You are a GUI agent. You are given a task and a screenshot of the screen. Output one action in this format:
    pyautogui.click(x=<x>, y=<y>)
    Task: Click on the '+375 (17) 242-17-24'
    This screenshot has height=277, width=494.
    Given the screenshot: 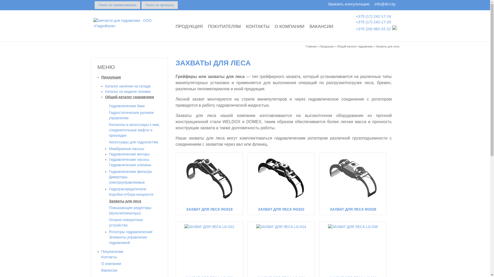 What is the action you would take?
    pyautogui.click(x=373, y=16)
    